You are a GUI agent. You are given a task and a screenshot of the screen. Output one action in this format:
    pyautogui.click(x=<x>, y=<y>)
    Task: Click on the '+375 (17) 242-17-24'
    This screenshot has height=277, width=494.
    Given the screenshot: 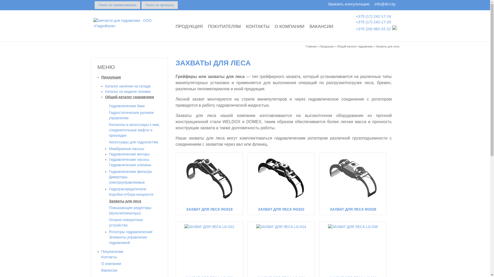 What is the action you would take?
    pyautogui.click(x=373, y=16)
    